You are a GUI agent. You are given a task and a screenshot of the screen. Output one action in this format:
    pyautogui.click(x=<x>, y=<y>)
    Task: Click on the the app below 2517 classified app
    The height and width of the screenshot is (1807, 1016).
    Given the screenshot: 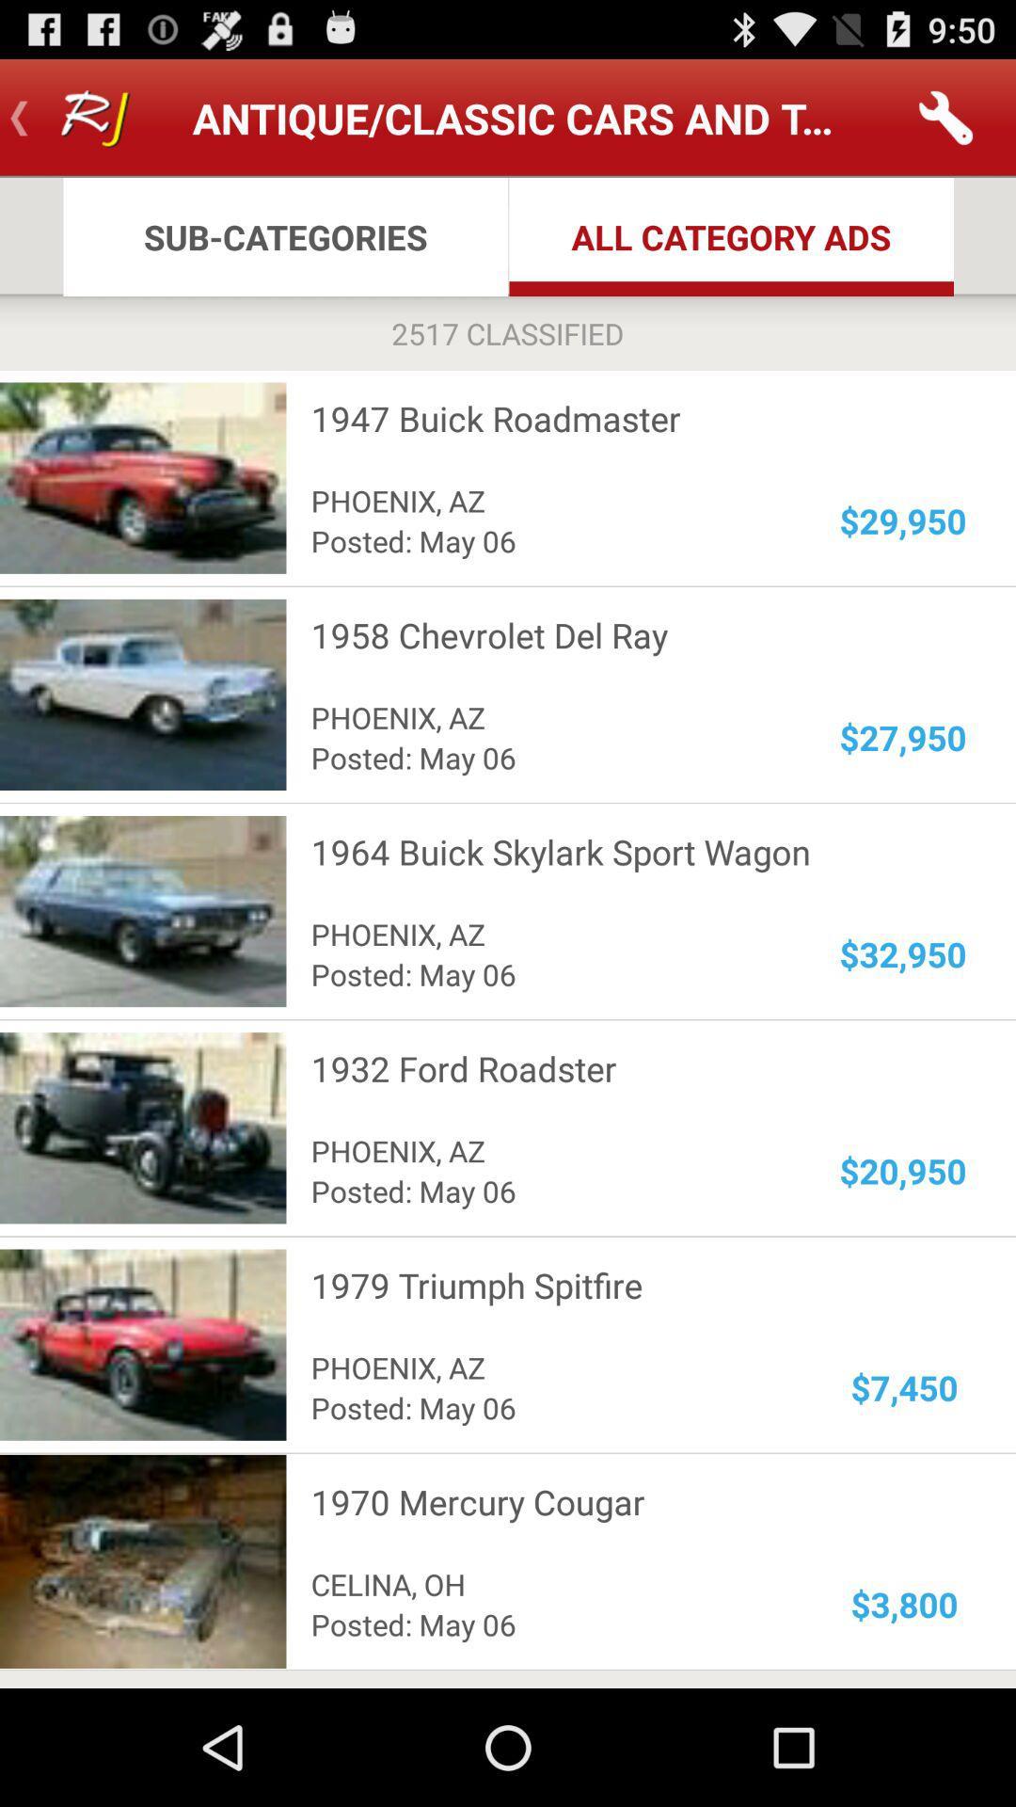 What is the action you would take?
    pyautogui.click(x=627, y=417)
    